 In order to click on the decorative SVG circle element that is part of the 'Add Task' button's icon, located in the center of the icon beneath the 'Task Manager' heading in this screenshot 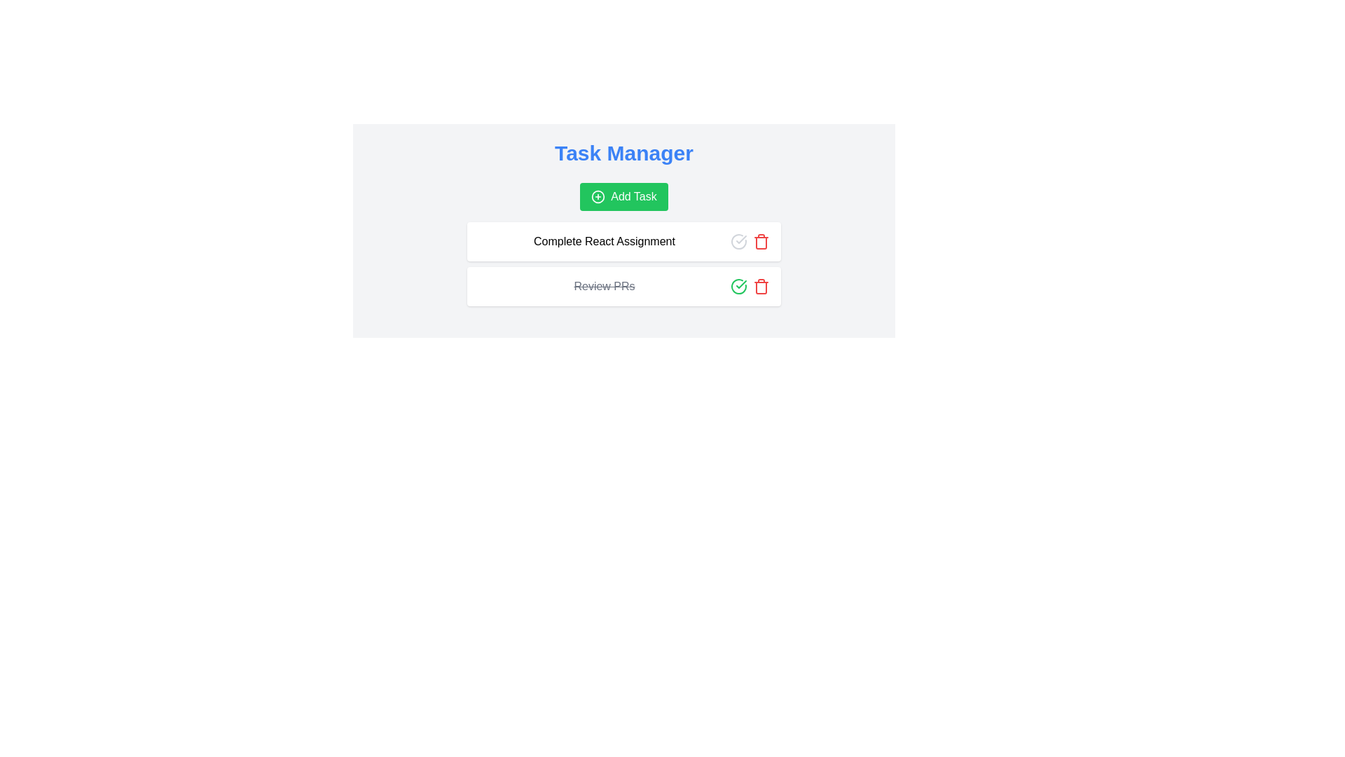, I will do `click(598, 197)`.